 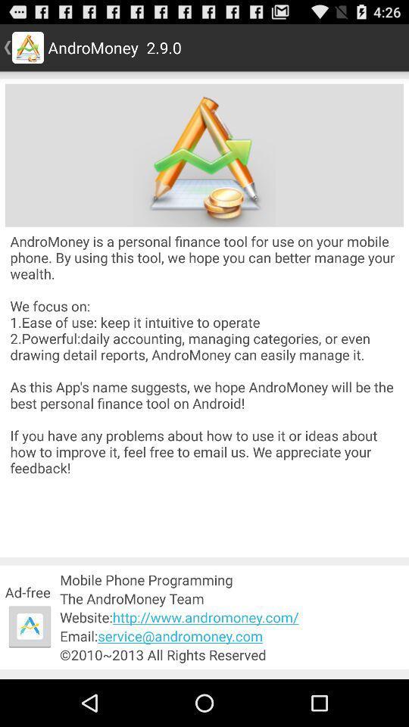 What do you see at coordinates (232, 617) in the screenshot?
I see `the website address` at bounding box center [232, 617].